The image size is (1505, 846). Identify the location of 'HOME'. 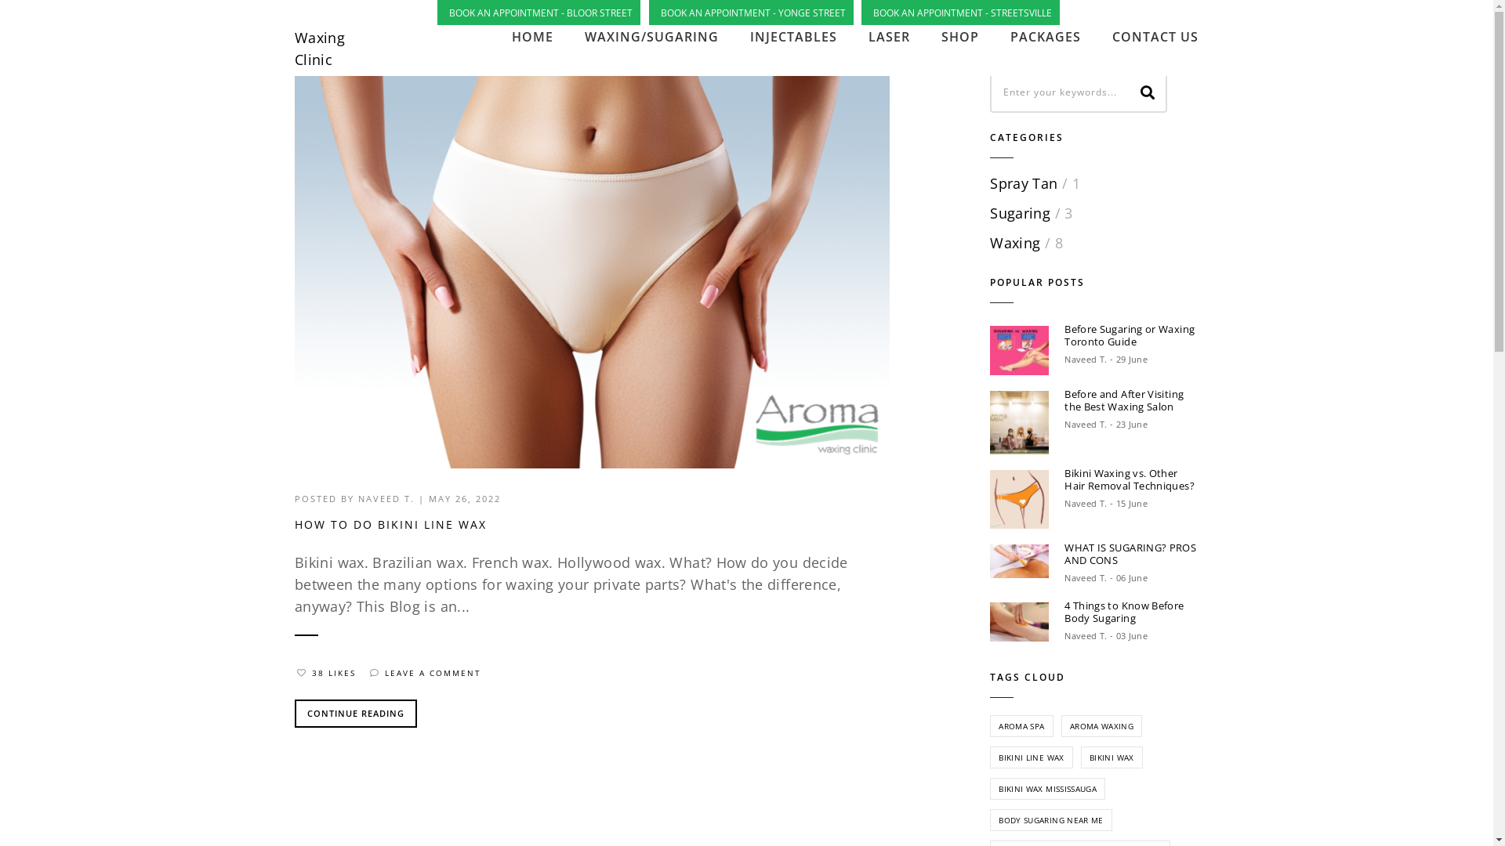
(532, 36).